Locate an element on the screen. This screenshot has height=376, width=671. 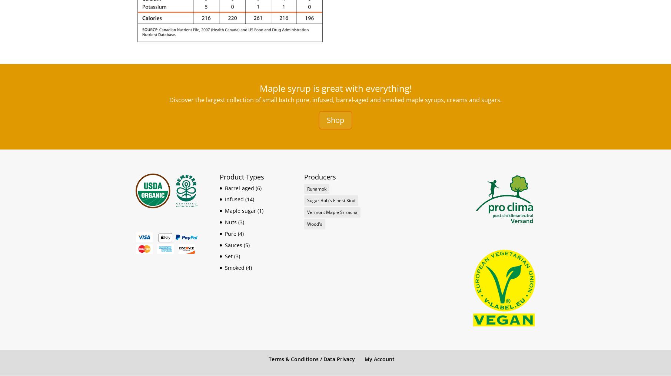
'Vermont Maple Sriracha' is located at coordinates (332, 212).